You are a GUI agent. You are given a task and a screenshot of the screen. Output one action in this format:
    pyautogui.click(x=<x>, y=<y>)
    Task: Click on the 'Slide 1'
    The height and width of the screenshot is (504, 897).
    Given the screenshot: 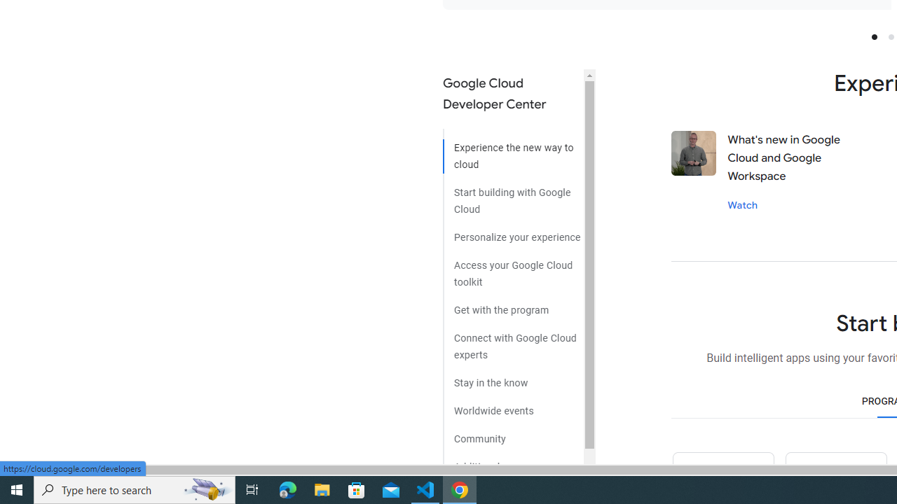 What is the action you would take?
    pyautogui.click(x=873, y=36)
    